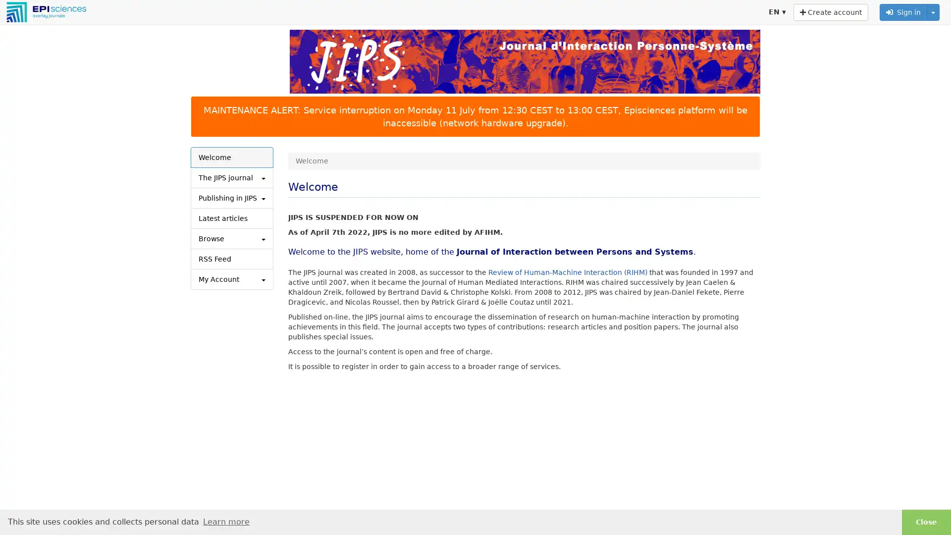 The height and width of the screenshot is (535, 951). I want to click on Sign in, so click(903, 12).